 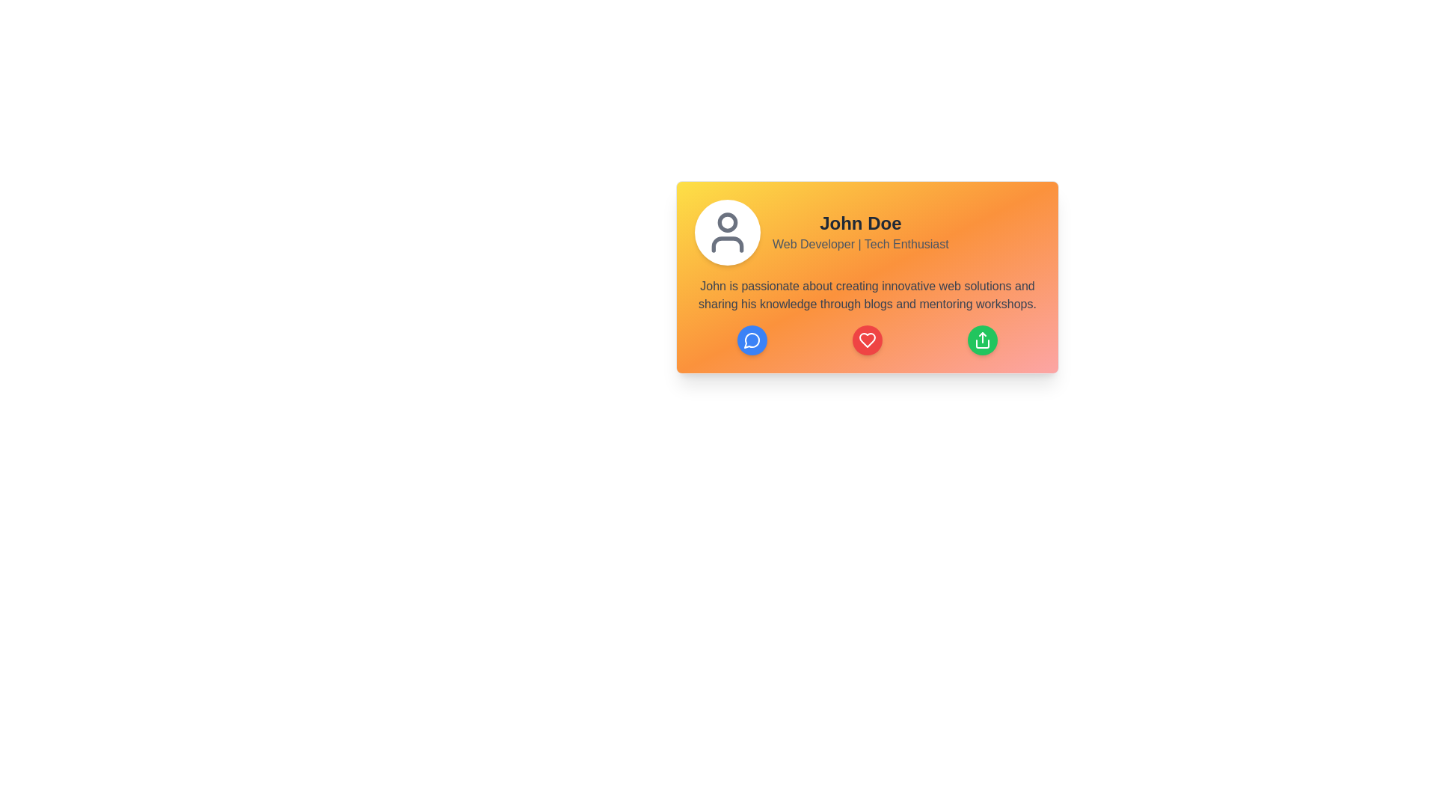 What do you see at coordinates (752, 340) in the screenshot?
I see `the circular blue button with a chat bubble icon` at bounding box center [752, 340].